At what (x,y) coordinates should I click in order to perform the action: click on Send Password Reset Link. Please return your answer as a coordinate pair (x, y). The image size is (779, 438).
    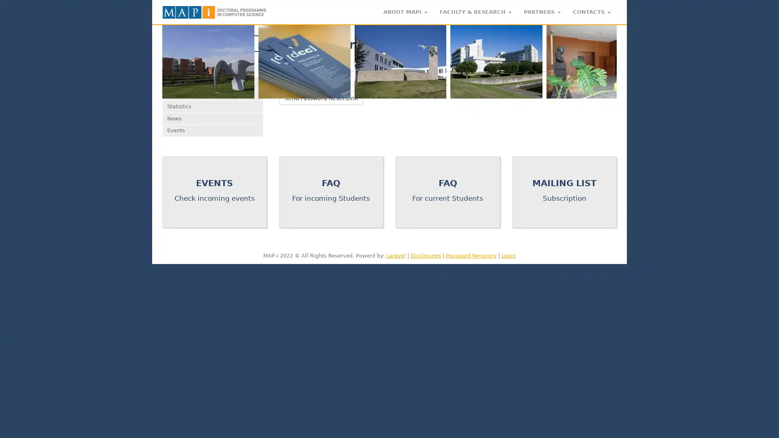
    Looking at the image, I should click on (320, 97).